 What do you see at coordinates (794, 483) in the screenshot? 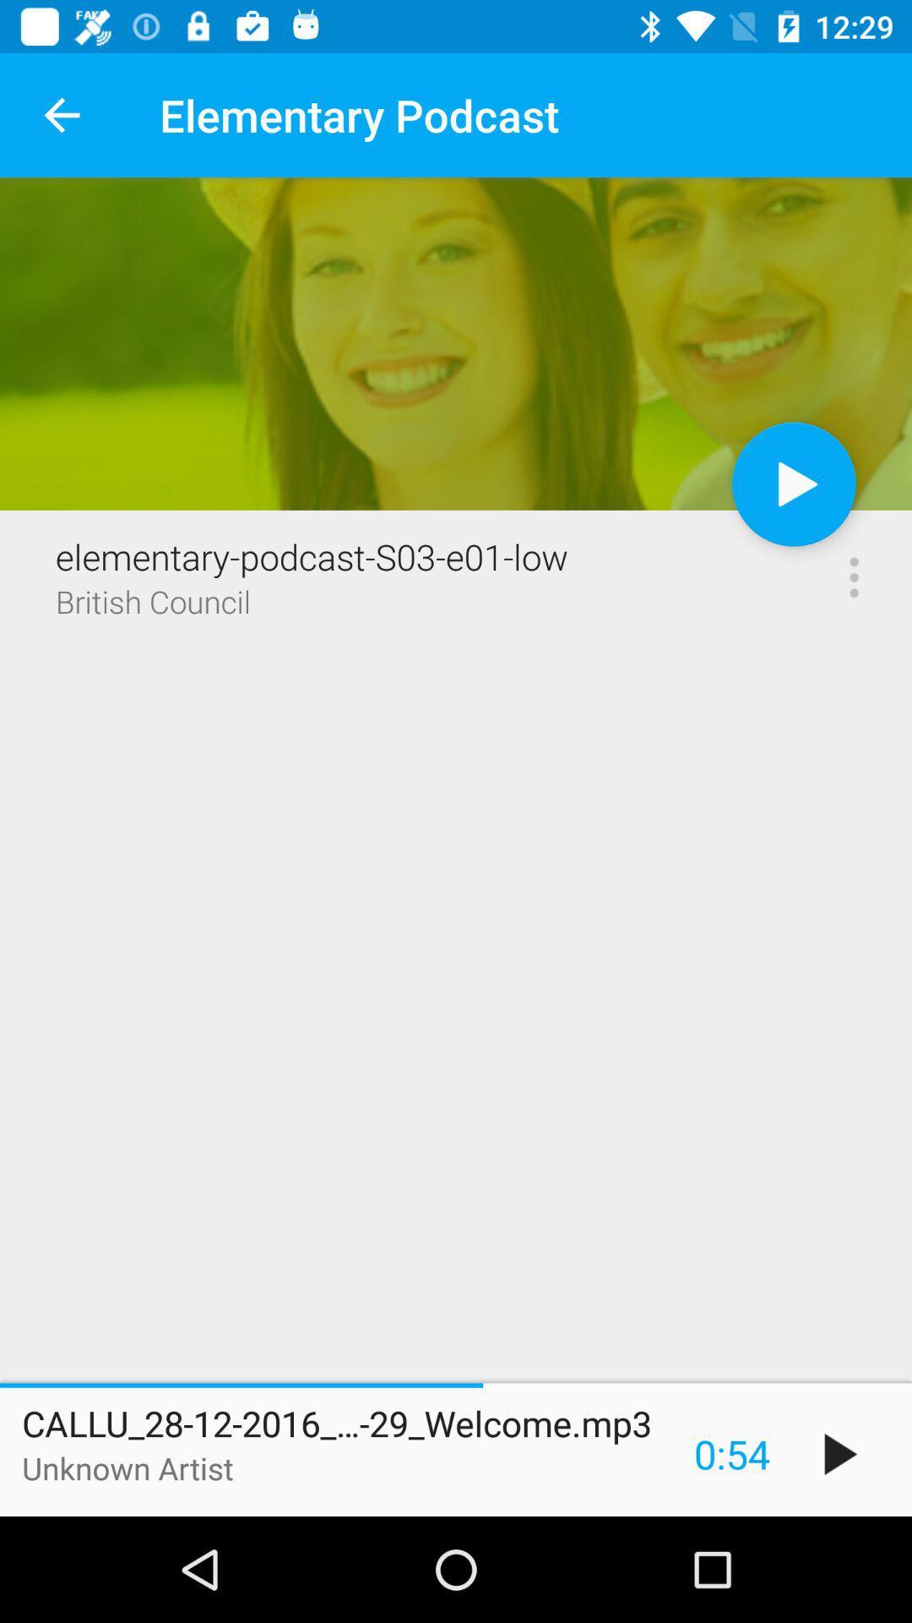
I see `the play icon` at bounding box center [794, 483].